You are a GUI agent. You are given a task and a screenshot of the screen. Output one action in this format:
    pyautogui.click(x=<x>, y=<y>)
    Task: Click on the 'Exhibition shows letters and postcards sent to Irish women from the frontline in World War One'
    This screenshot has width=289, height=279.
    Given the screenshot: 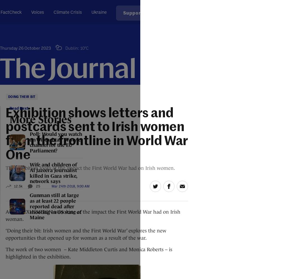 What is the action you would take?
    pyautogui.click(x=97, y=134)
    